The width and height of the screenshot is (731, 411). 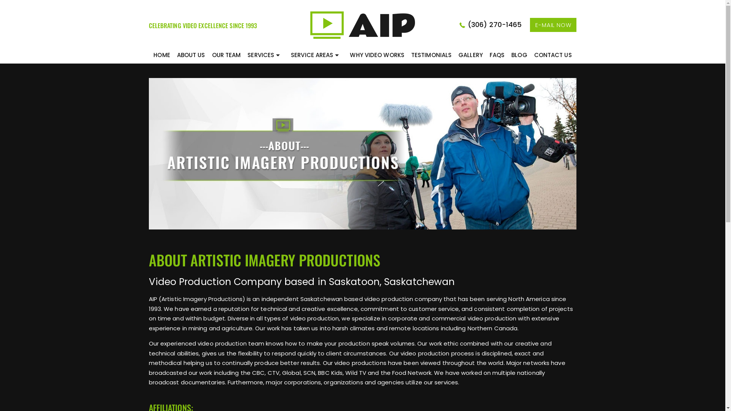 I want to click on '(306) 270-1465', so click(x=494, y=24).